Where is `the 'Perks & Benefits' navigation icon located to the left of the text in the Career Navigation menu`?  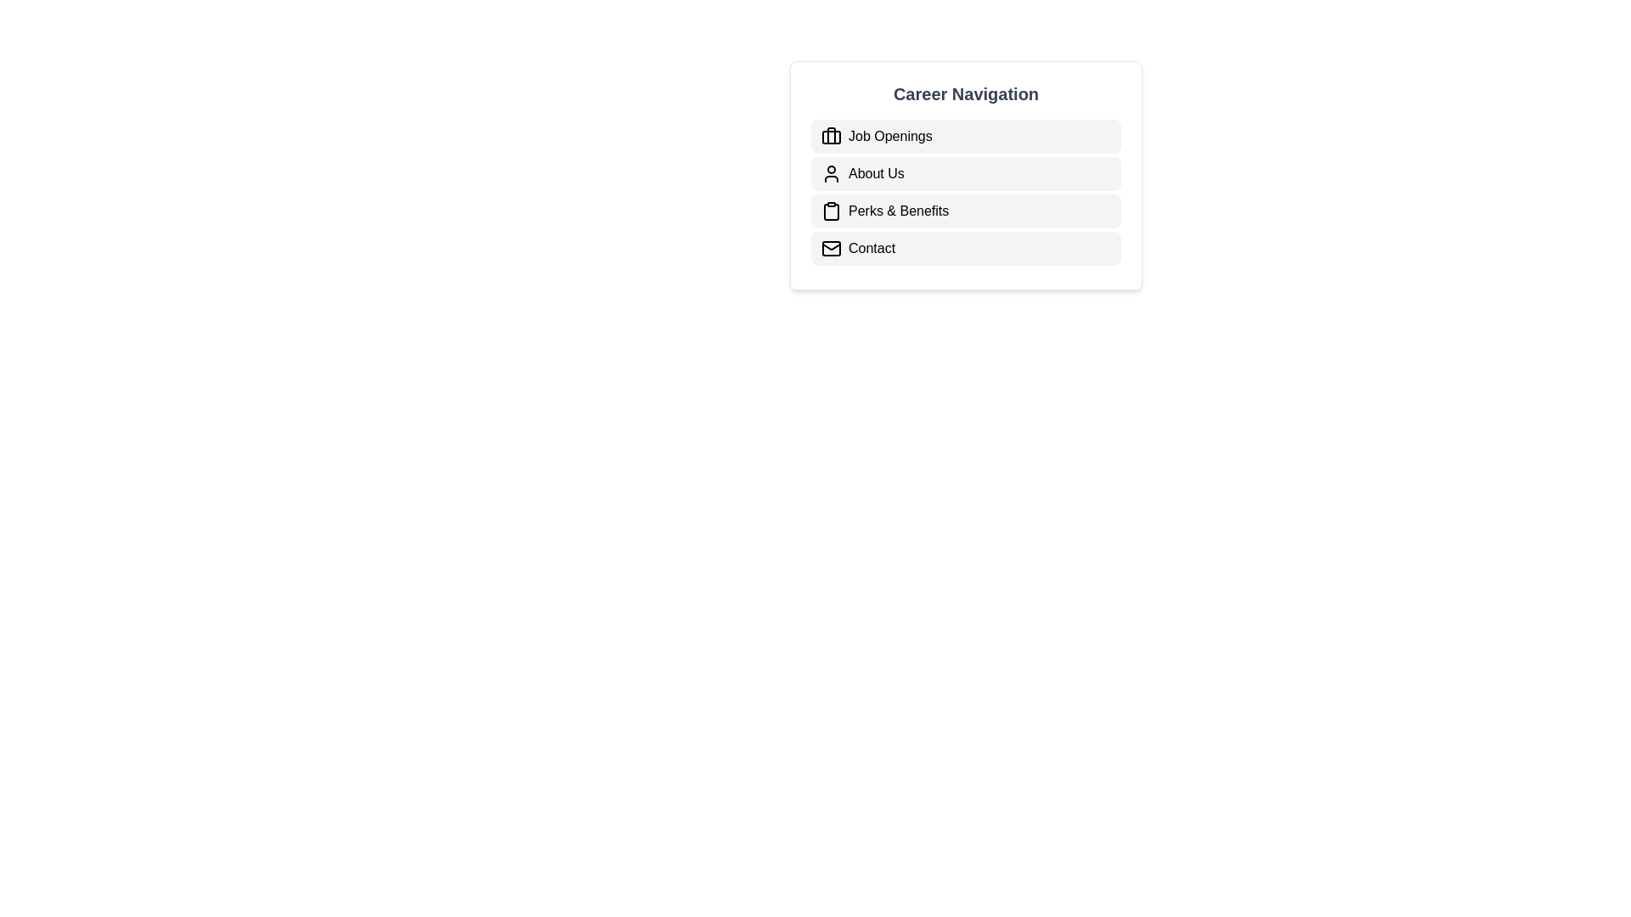
the 'Perks & Benefits' navigation icon located to the left of the text in the Career Navigation menu is located at coordinates (832, 211).